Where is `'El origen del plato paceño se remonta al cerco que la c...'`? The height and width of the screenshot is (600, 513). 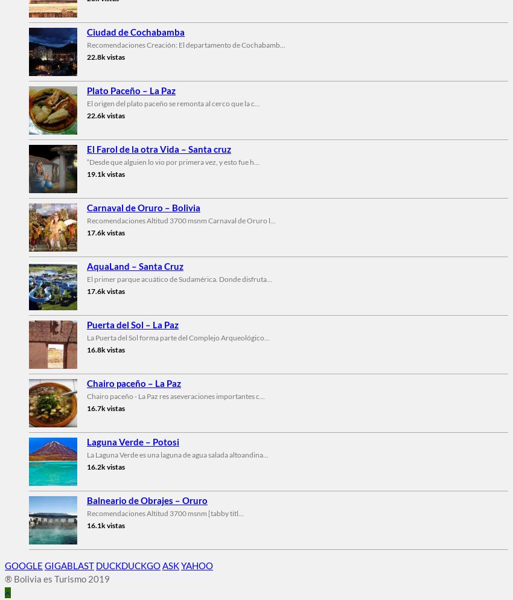 'El origen del plato paceño se remonta al cerco que la c...' is located at coordinates (173, 103).